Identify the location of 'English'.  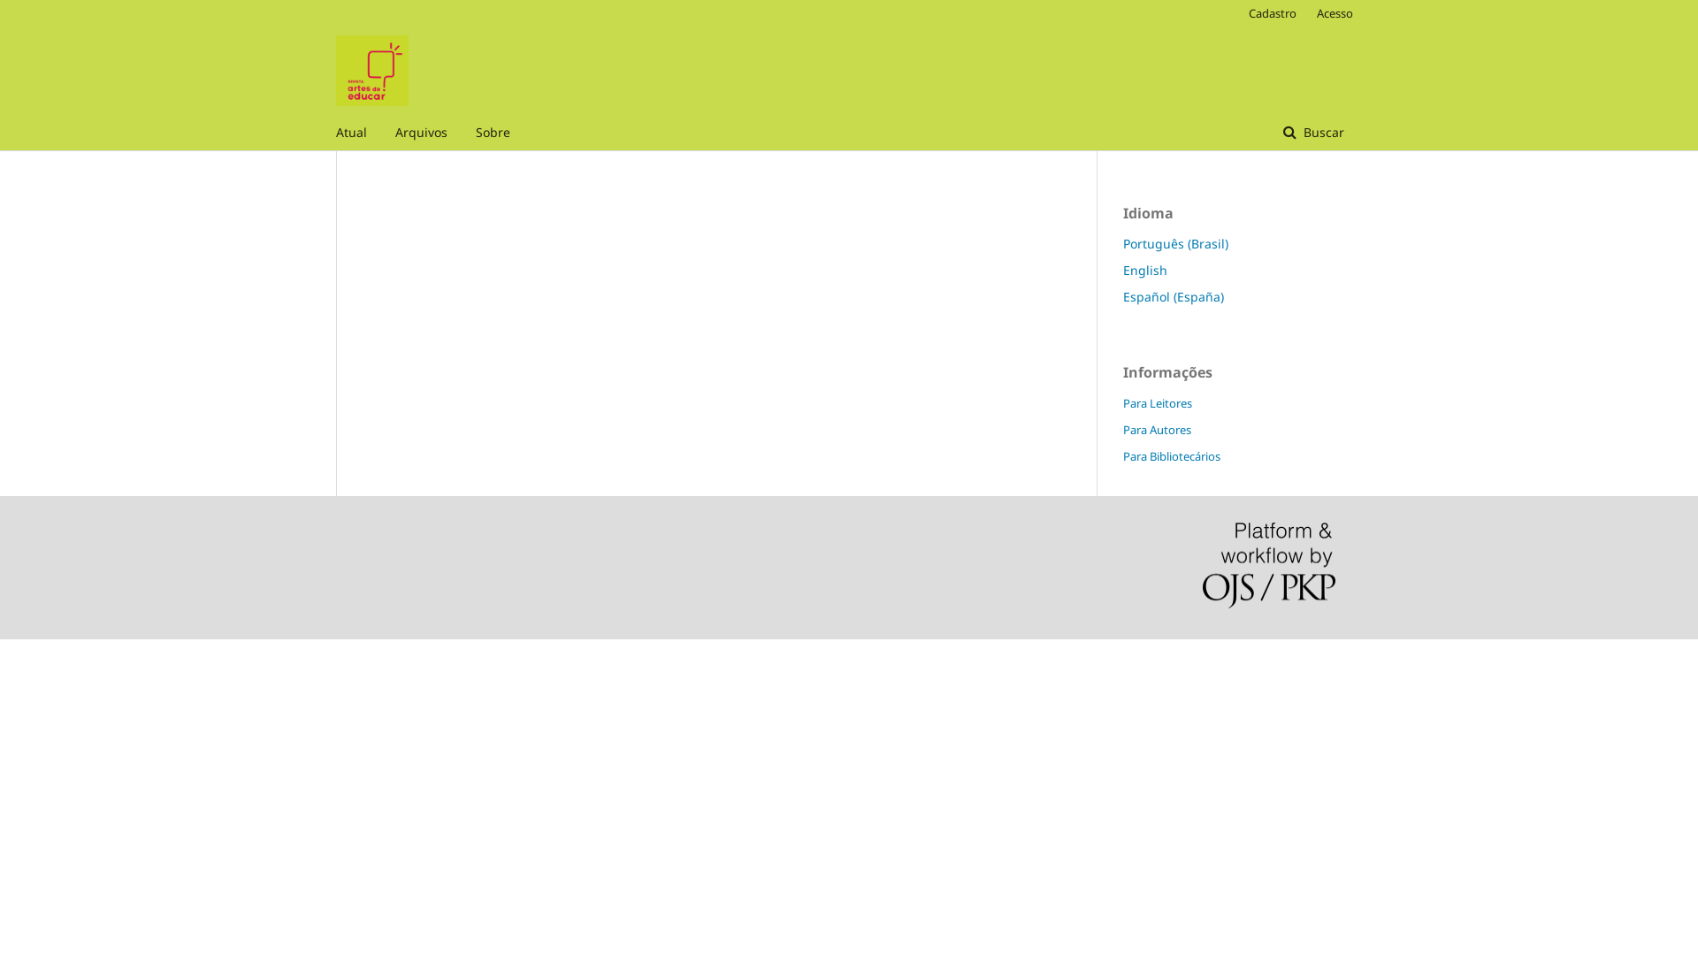
(1145, 270).